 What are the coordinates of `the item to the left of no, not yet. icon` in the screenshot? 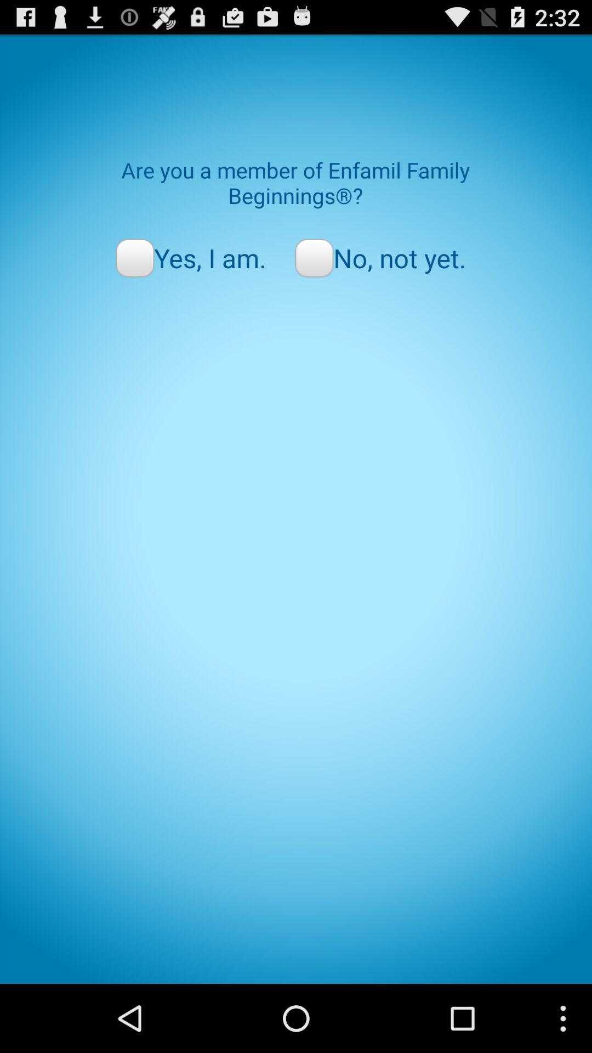 It's located at (190, 257).